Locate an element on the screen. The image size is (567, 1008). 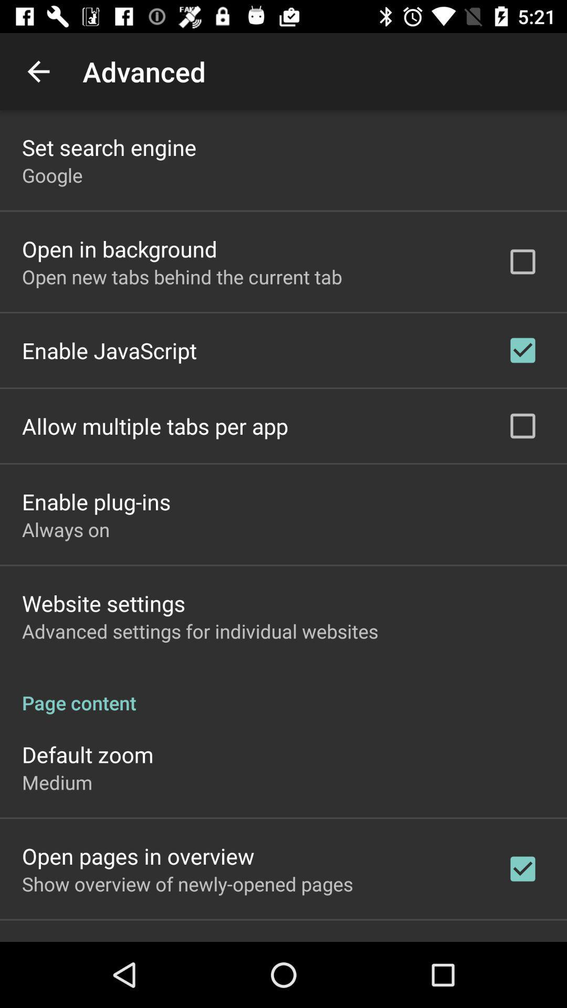
icon next to the advanced icon is located at coordinates (38, 71).